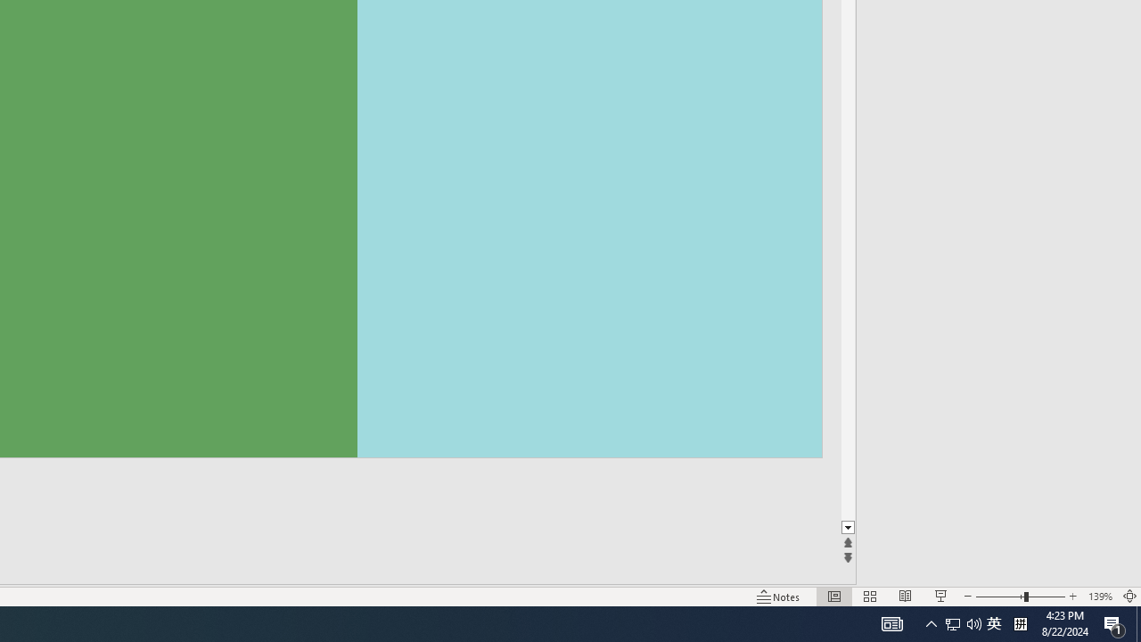  I want to click on 'Zoom 139%', so click(1099, 597).